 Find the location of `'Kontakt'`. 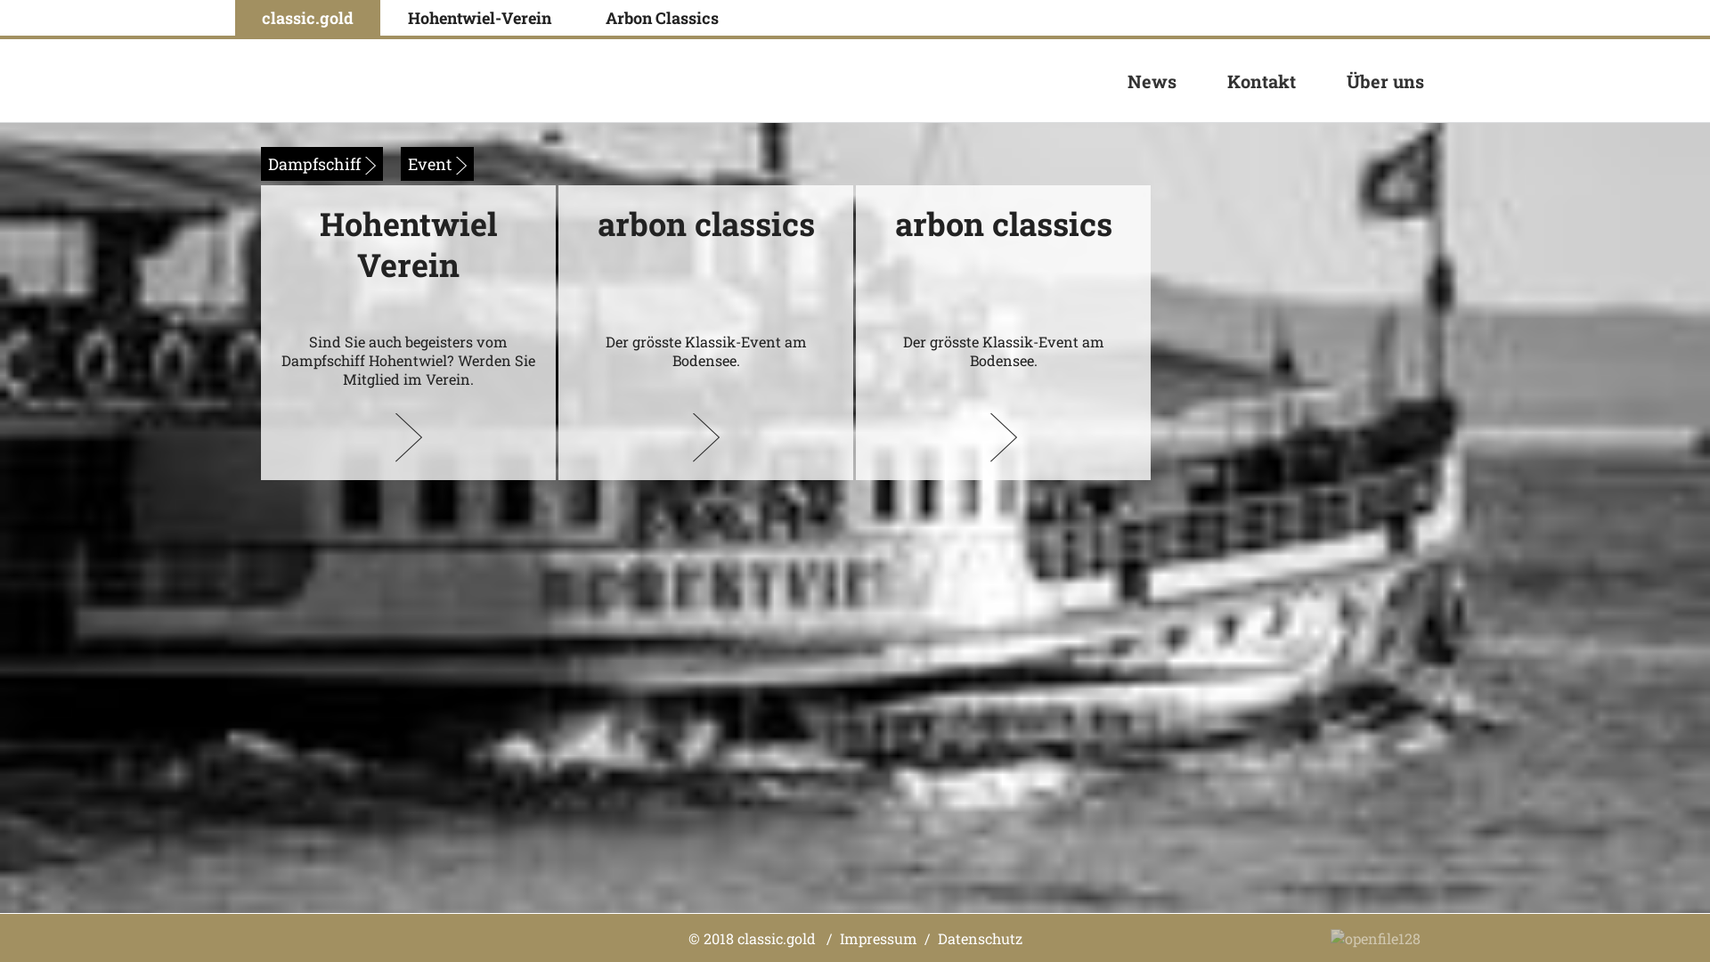

'Kontakt' is located at coordinates (1260, 80).